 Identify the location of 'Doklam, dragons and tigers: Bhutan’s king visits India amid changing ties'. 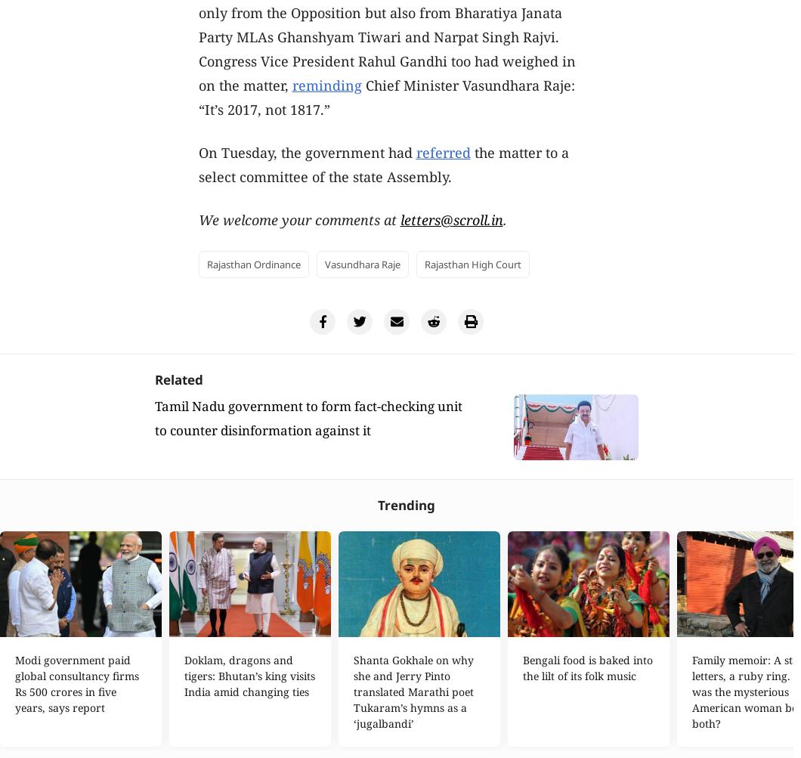
(249, 675).